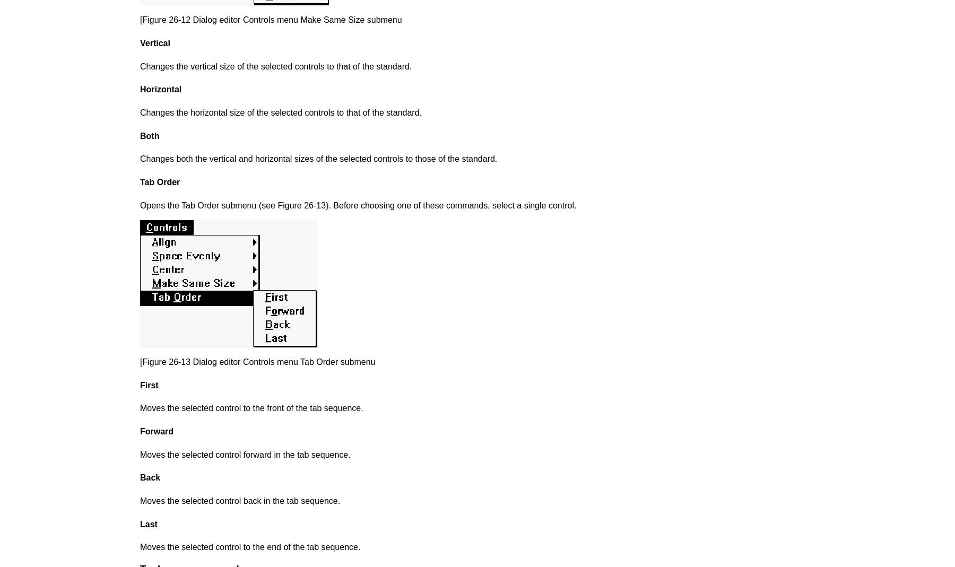 Image resolution: width=955 pixels, height=567 pixels. Describe the element at coordinates (250, 408) in the screenshot. I see `'Moves the selected control to the front of the tab sequence.'` at that location.